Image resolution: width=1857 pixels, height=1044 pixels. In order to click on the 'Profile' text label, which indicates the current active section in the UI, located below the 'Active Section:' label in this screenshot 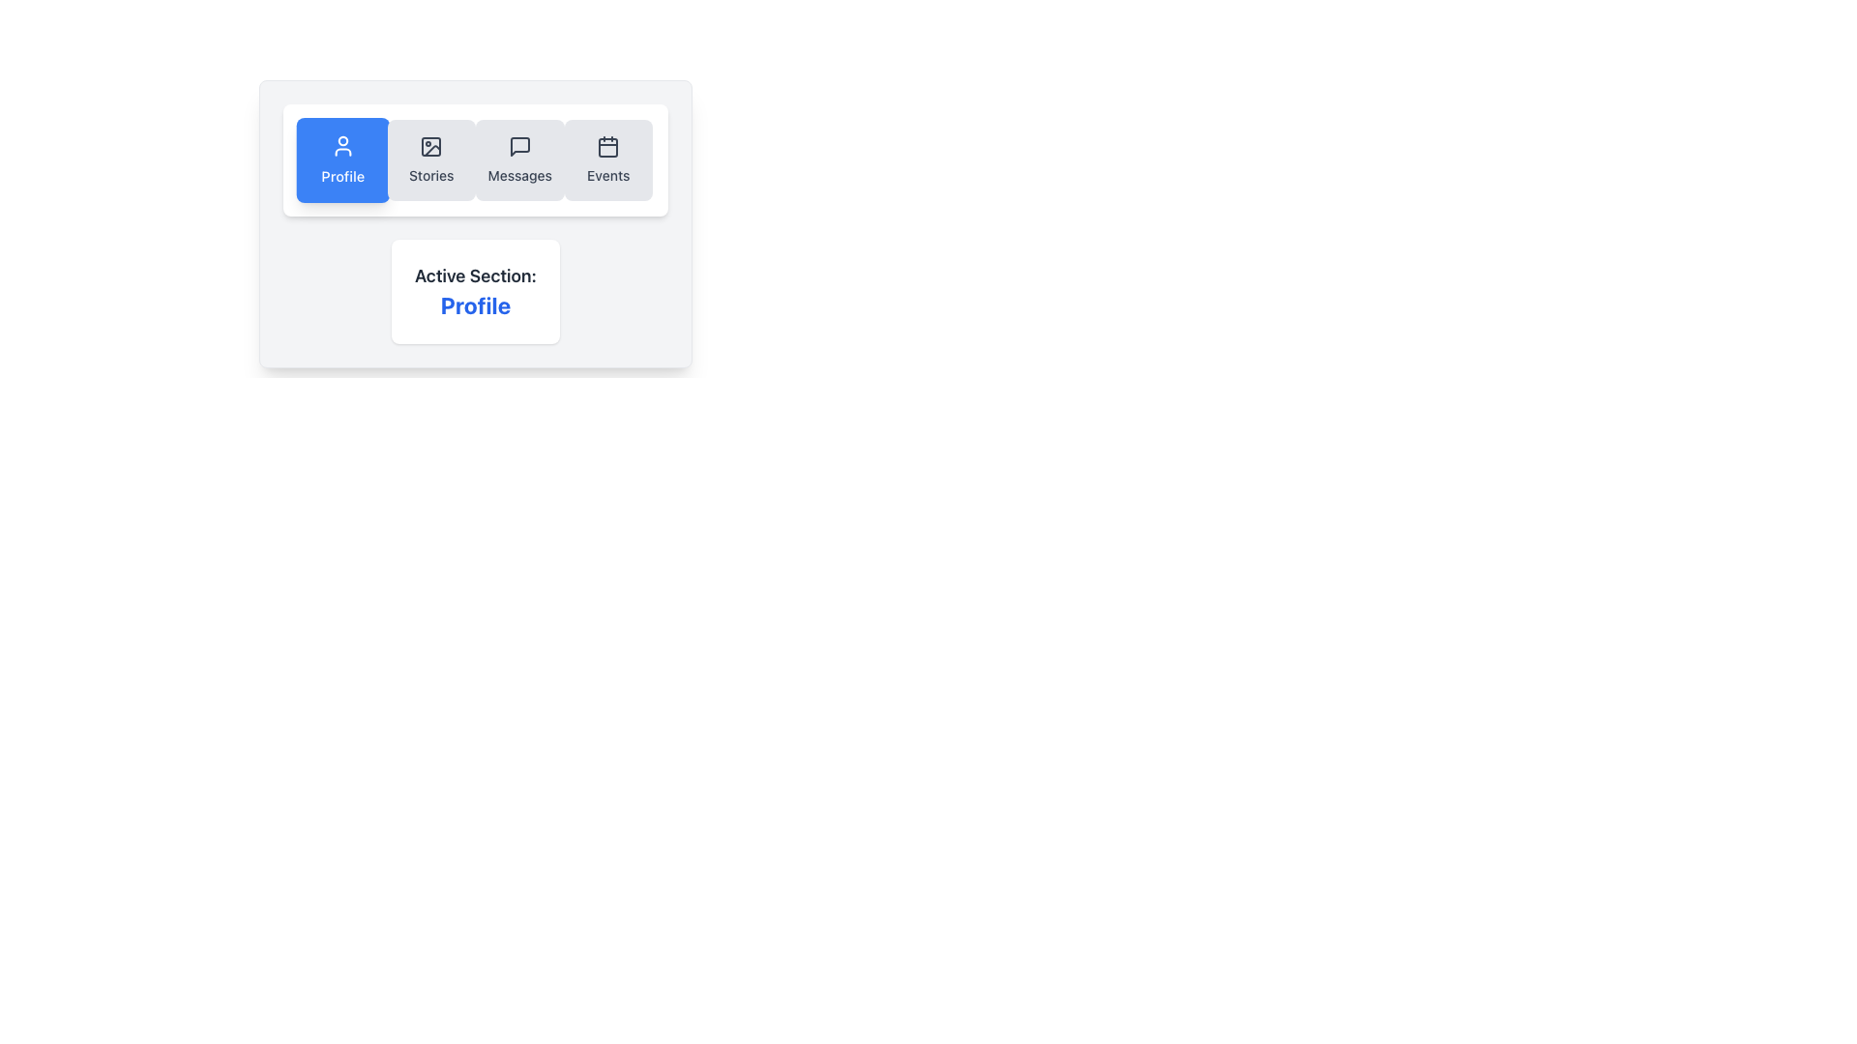, I will do `click(475, 304)`.